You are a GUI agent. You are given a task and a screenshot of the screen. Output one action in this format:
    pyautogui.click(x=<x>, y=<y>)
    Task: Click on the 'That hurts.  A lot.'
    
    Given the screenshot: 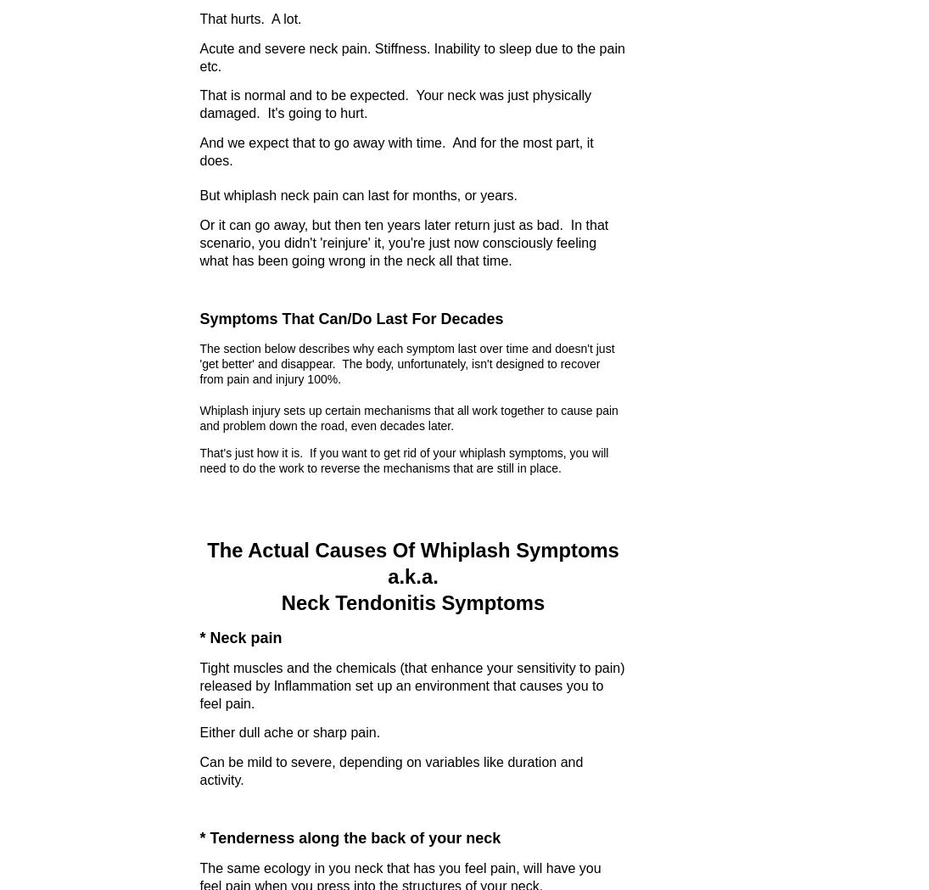 What is the action you would take?
    pyautogui.click(x=199, y=17)
    